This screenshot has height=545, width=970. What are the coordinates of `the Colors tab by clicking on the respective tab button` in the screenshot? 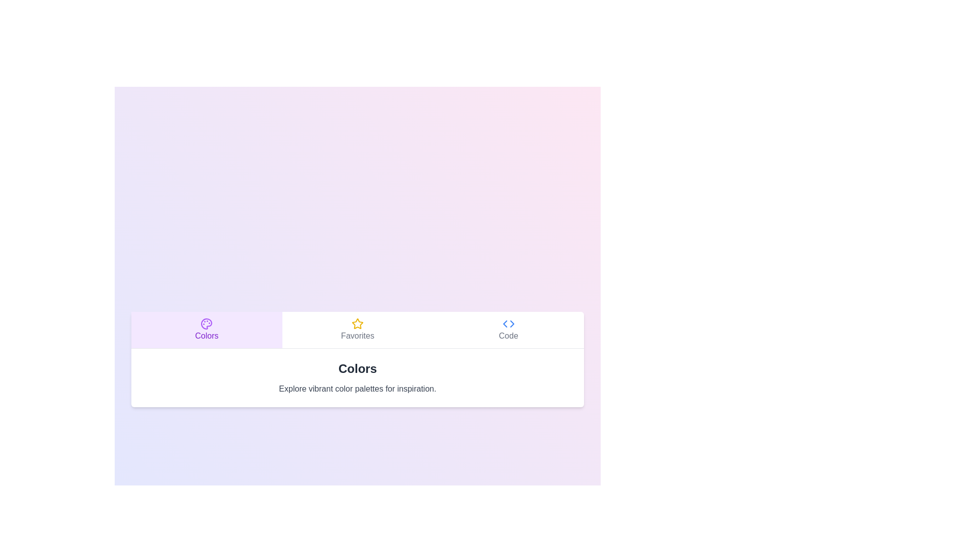 It's located at (206, 330).